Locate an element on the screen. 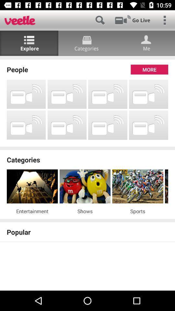  to go to person 's own profile is located at coordinates (146, 43).